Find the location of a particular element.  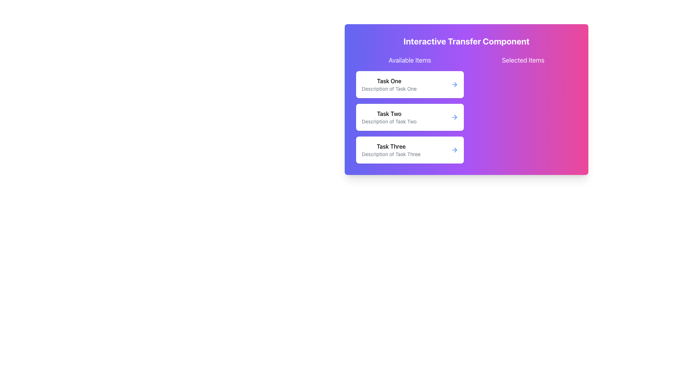

the 'Selected Items' text label, which is displayed in bold white font at the top-right of the section with a vibrant purple to pink gradient background is located at coordinates (523, 60).